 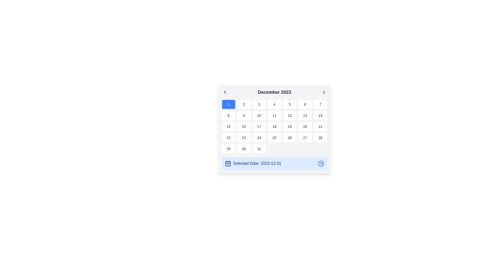 I want to click on the rounded rectangular button labeled '10', so click(x=259, y=115).